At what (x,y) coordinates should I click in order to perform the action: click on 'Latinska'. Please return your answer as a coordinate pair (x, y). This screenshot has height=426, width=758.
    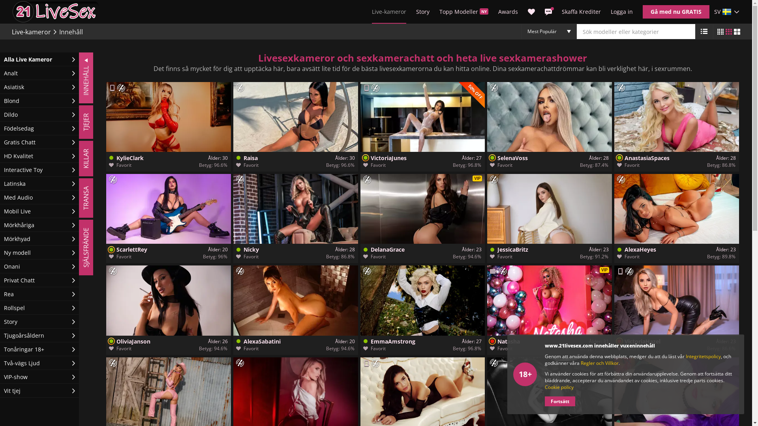
    Looking at the image, I should click on (39, 183).